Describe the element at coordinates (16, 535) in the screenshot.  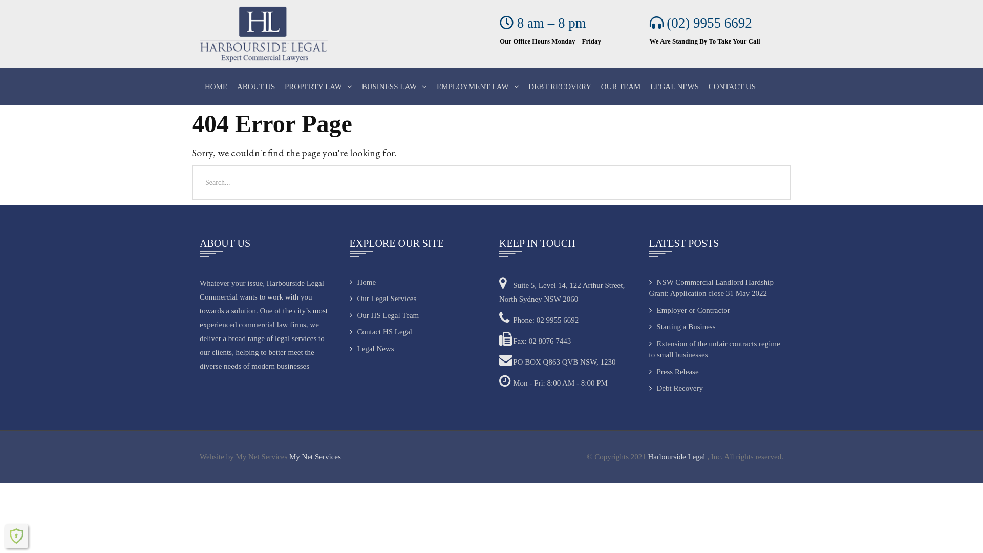
I see `'Shield Security'` at that location.